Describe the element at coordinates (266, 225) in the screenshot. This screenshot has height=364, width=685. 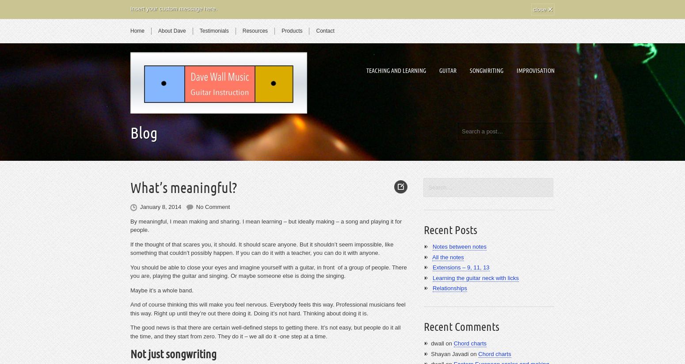
I see `'By meaningful, I mean making and sharing. I mean learning – but ideally making – a song and playing it for people.'` at that location.